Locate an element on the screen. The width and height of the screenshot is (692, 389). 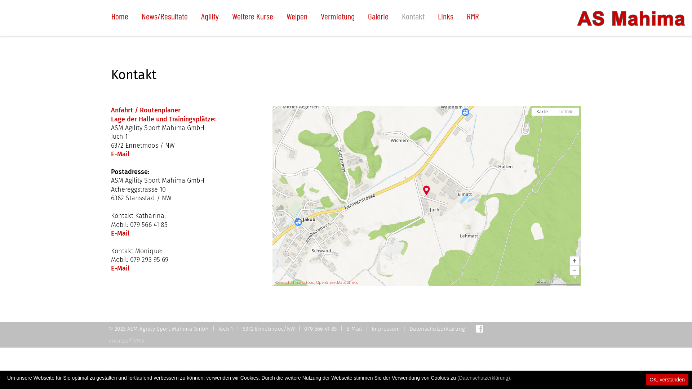
'Home' is located at coordinates (120, 18).